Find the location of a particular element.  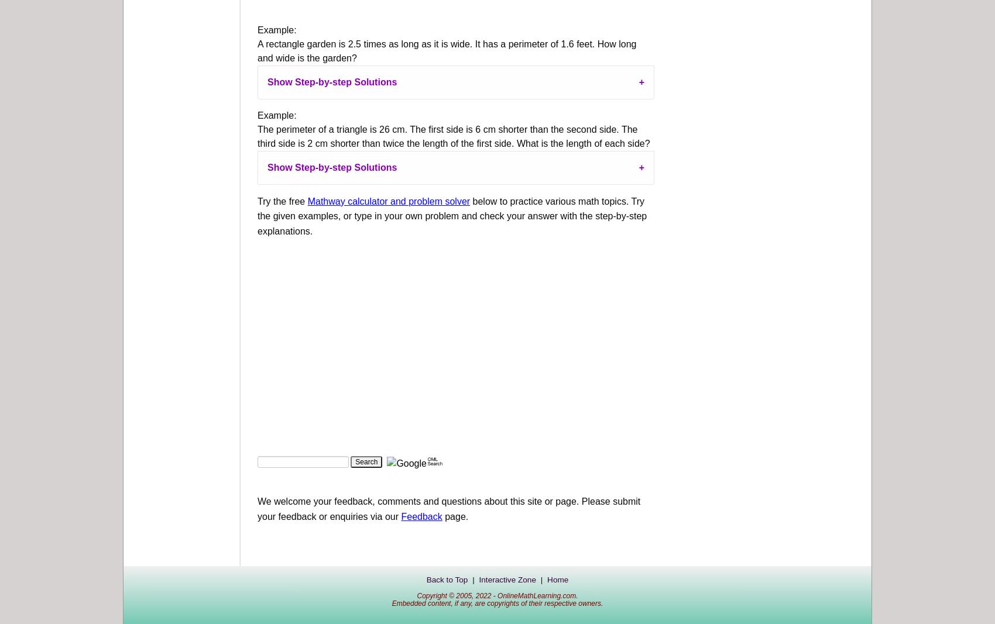

'Back to Top' is located at coordinates (446, 580).